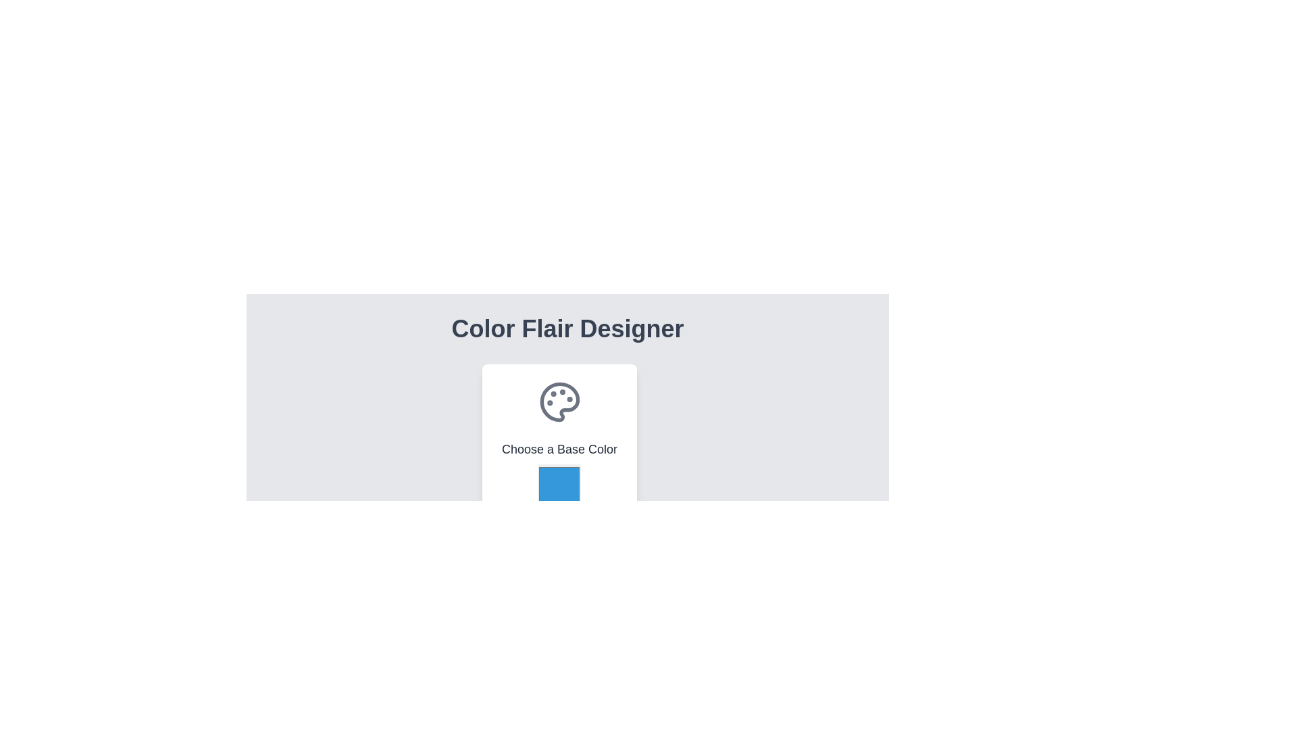  Describe the element at coordinates (559, 474) in the screenshot. I see `the Color picker button located below the palette icon and the text 'Choose a Base Color'` at that location.